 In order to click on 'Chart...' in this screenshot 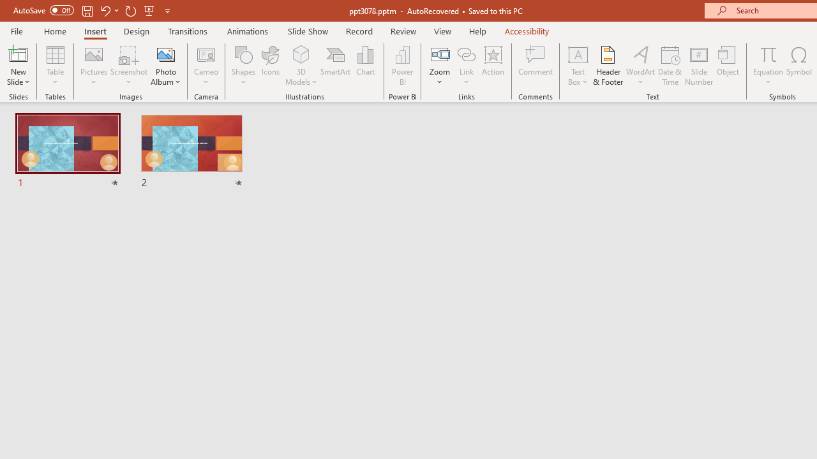, I will do `click(364, 66)`.